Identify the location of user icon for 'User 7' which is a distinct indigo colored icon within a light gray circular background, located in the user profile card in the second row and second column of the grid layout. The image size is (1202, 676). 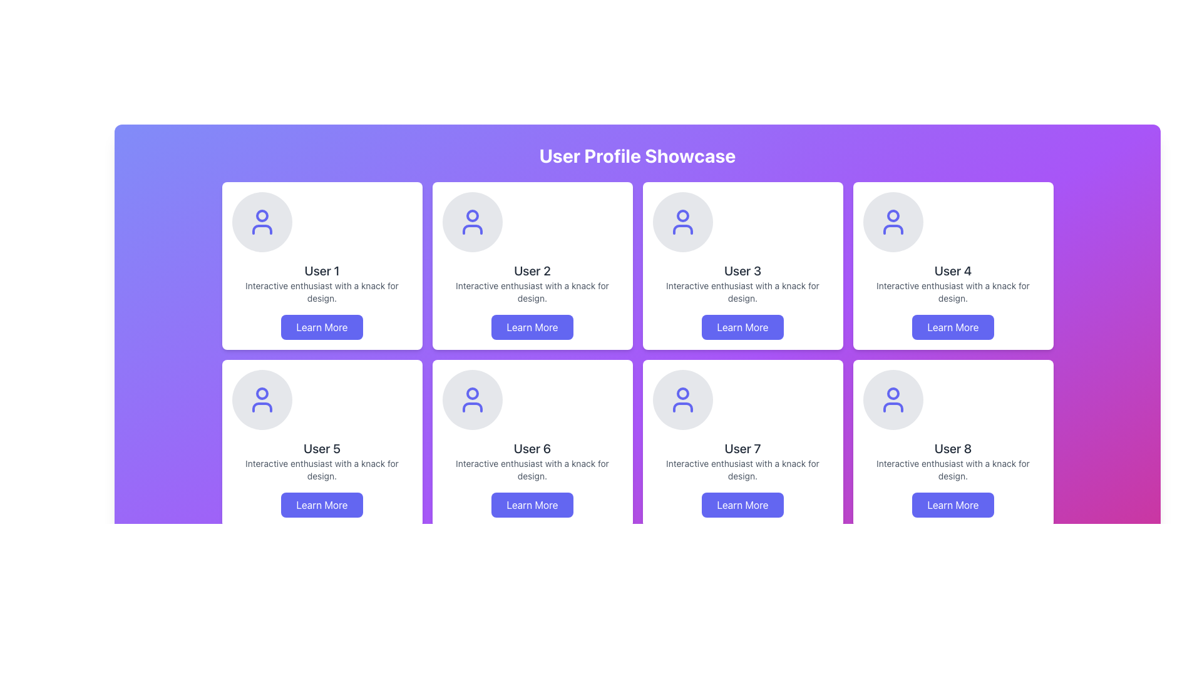
(682, 400).